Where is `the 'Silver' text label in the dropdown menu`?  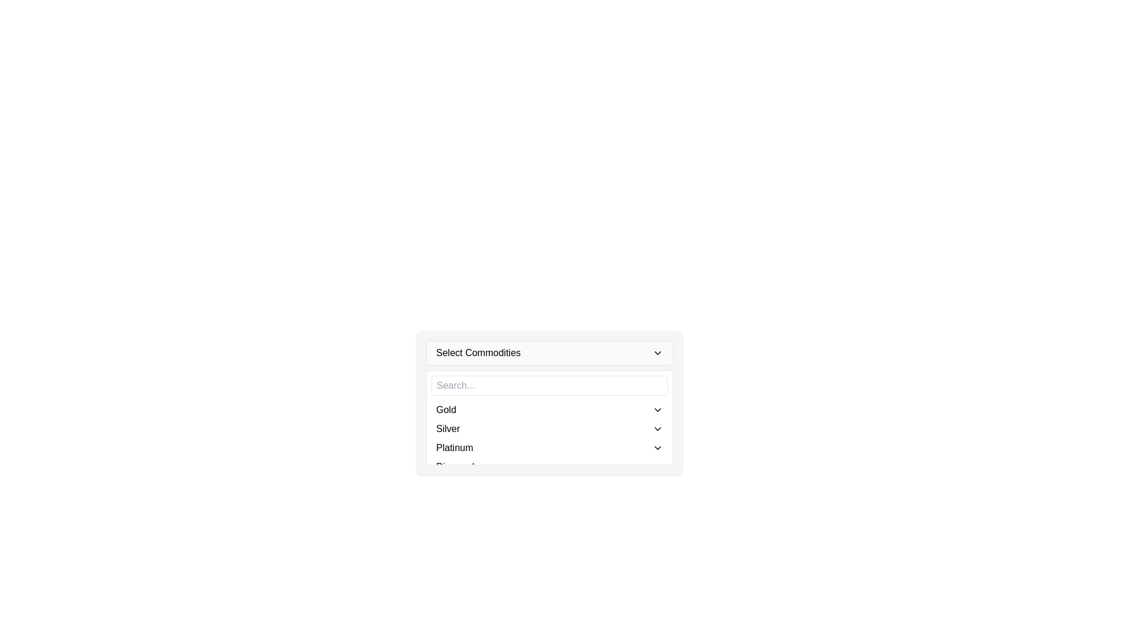 the 'Silver' text label in the dropdown menu is located at coordinates (447, 429).